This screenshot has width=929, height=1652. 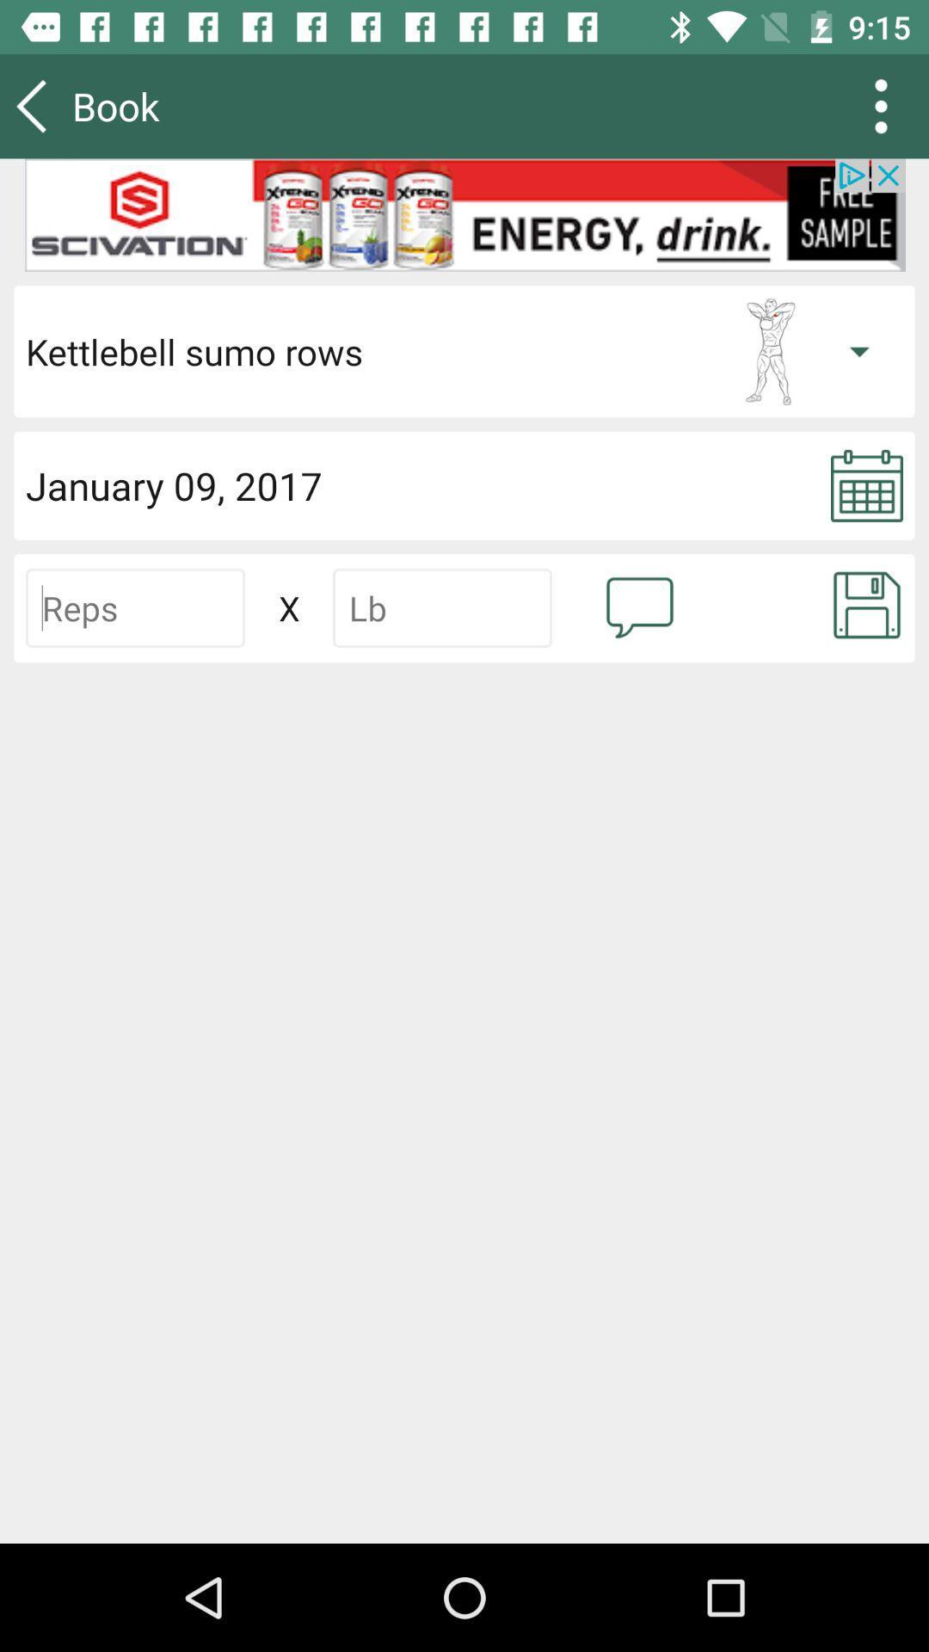 I want to click on reps option, so click(x=134, y=607).